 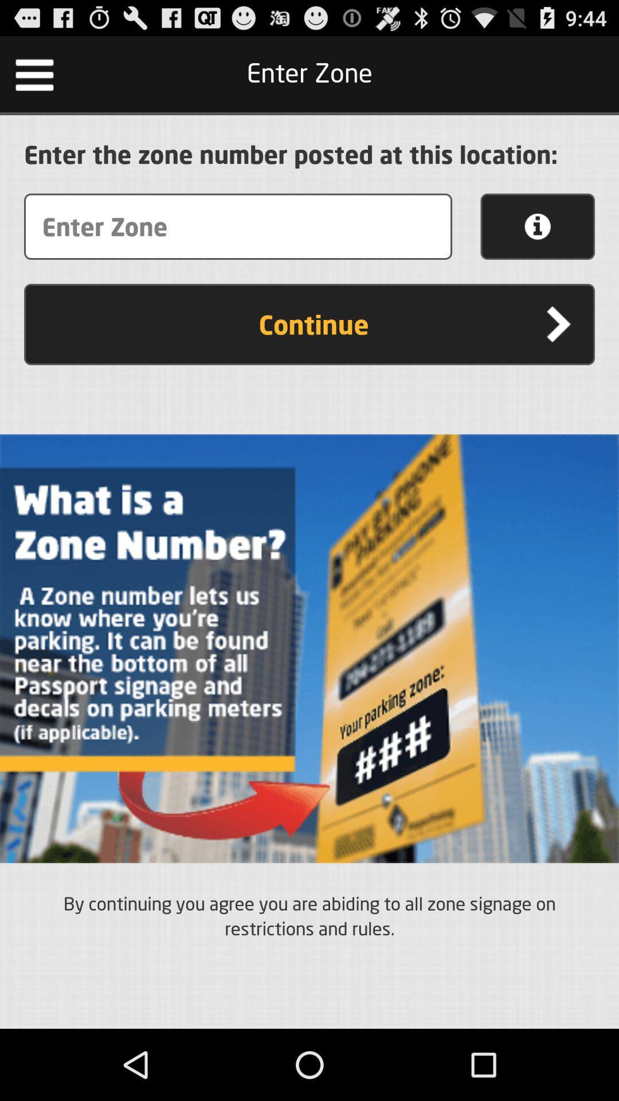 I want to click on the button above the continue button, so click(x=538, y=227).